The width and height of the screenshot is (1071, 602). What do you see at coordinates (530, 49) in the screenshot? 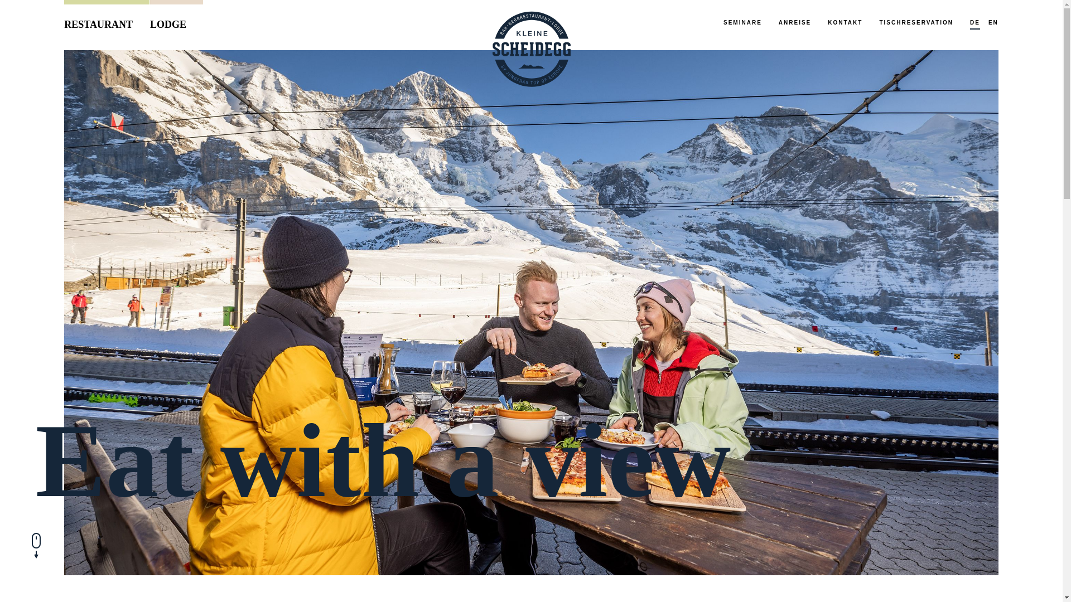
I see `'Bergrestaurant Kleine Scheidegg'` at bounding box center [530, 49].